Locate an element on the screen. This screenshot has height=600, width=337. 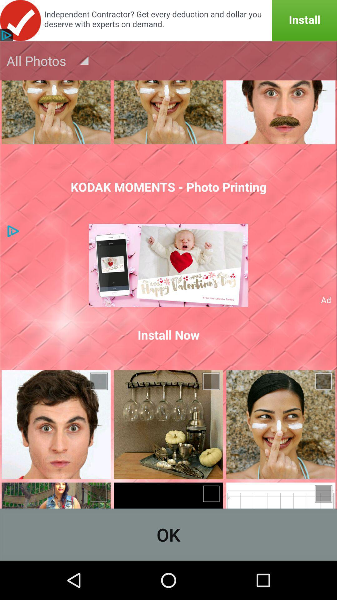
install now is located at coordinates (168, 334).